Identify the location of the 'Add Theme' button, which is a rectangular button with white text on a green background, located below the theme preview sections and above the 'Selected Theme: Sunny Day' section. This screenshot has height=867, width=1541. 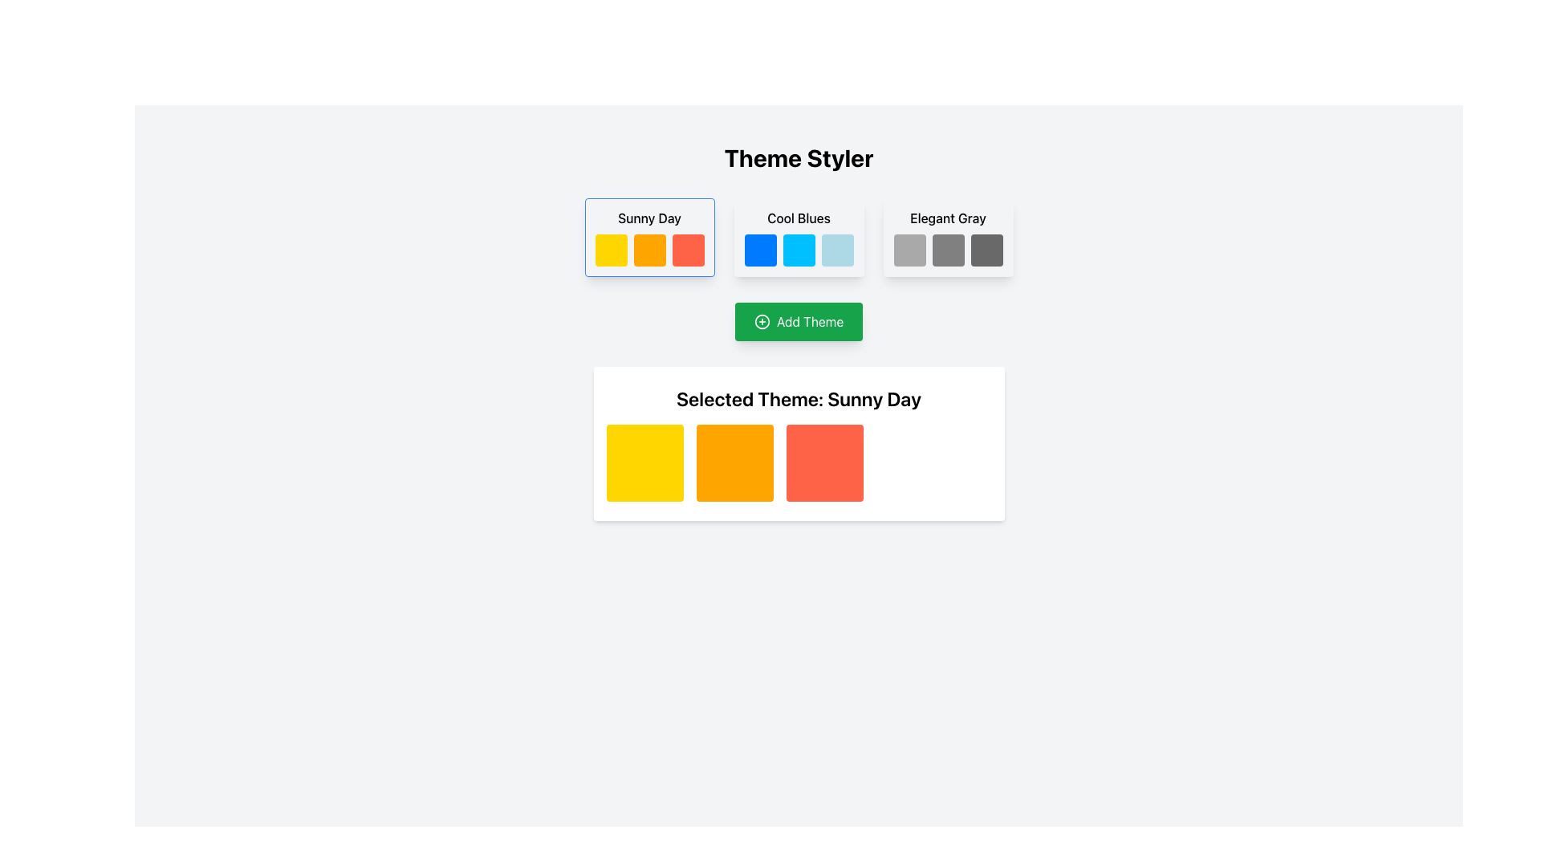
(799, 322).